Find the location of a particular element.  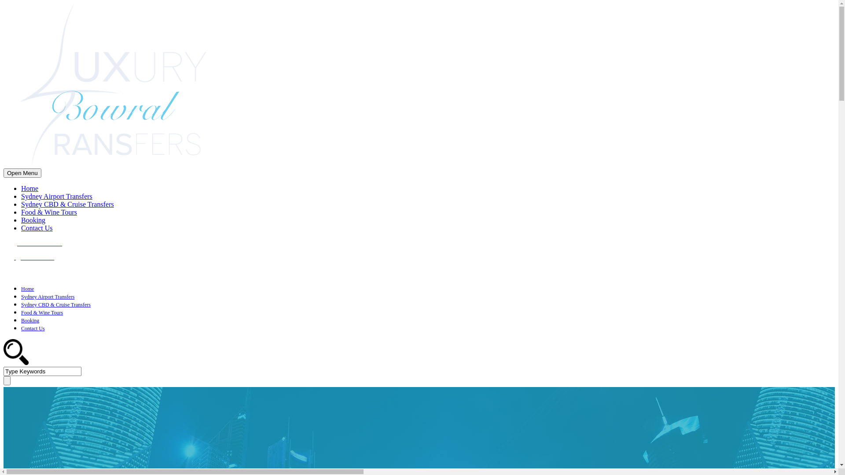

'Contact Us' is located at coordinates (21, 329).